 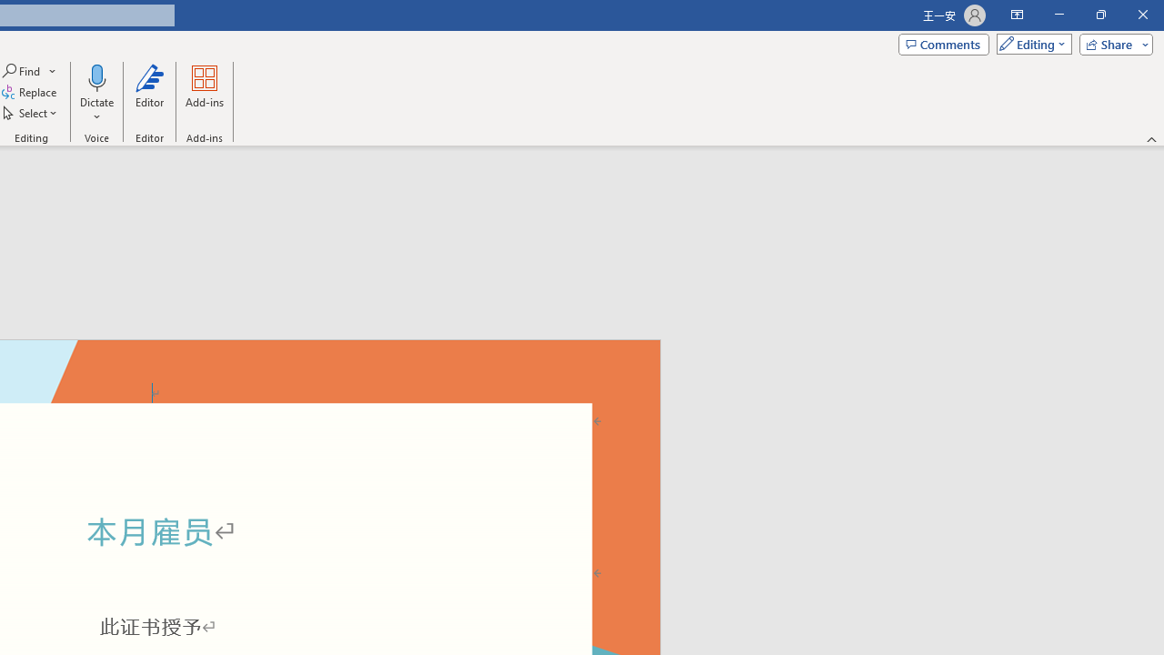 I want to click on 'More Options', so click(x=95, y=110).